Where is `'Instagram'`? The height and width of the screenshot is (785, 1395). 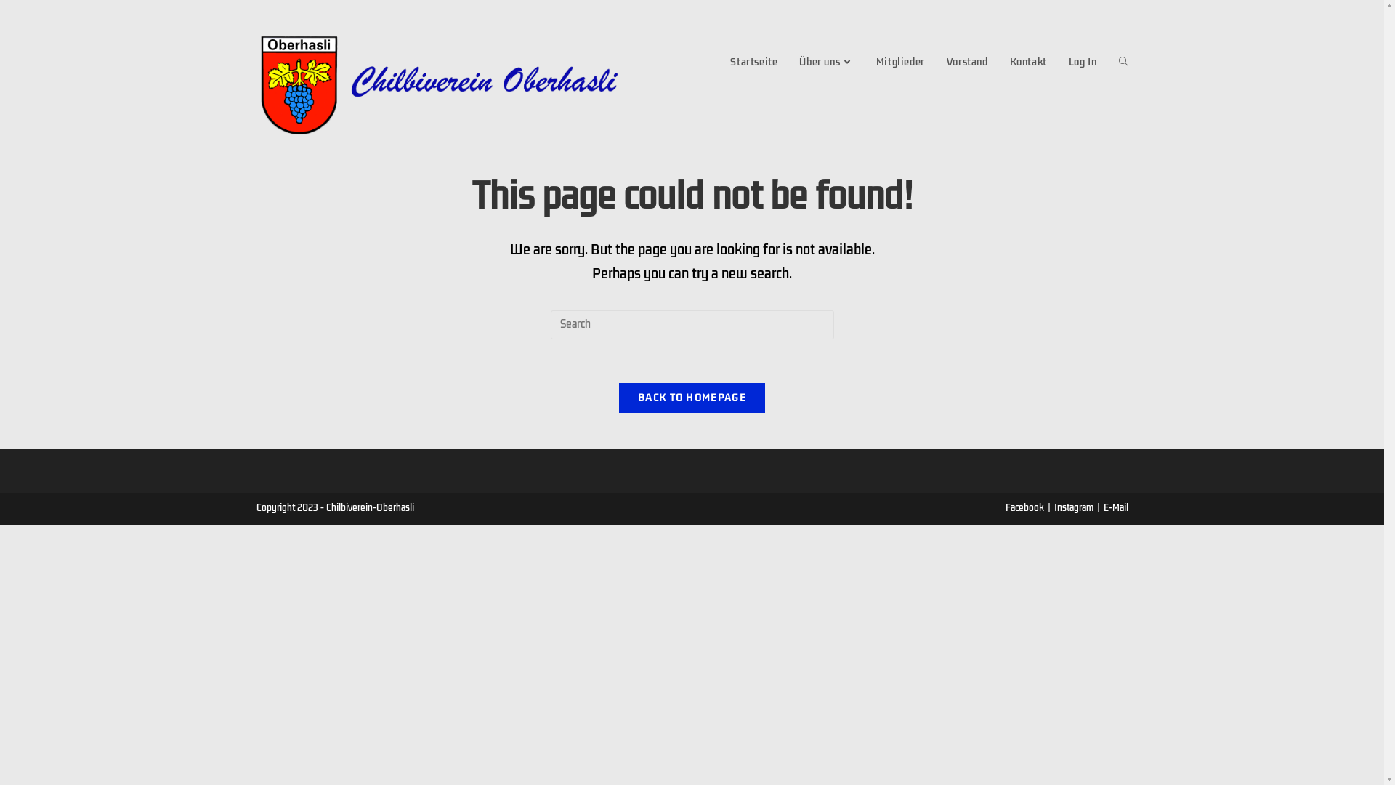
'Instagram' is located at coordinates (1073, 507).